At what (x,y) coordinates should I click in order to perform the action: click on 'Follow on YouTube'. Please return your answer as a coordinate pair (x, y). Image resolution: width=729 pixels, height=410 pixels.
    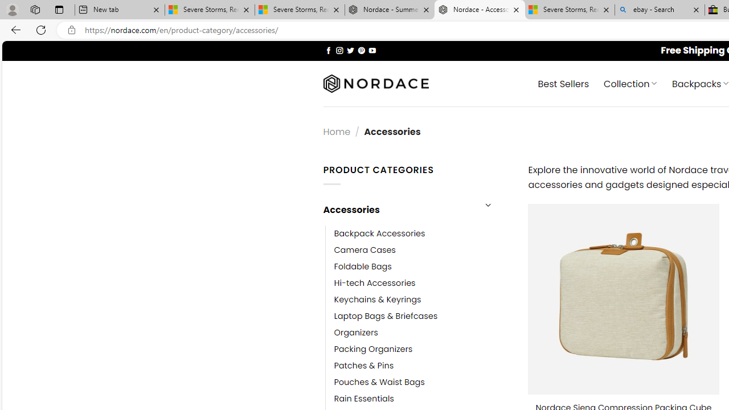
    Looking at the image, I should click on (372, 50).